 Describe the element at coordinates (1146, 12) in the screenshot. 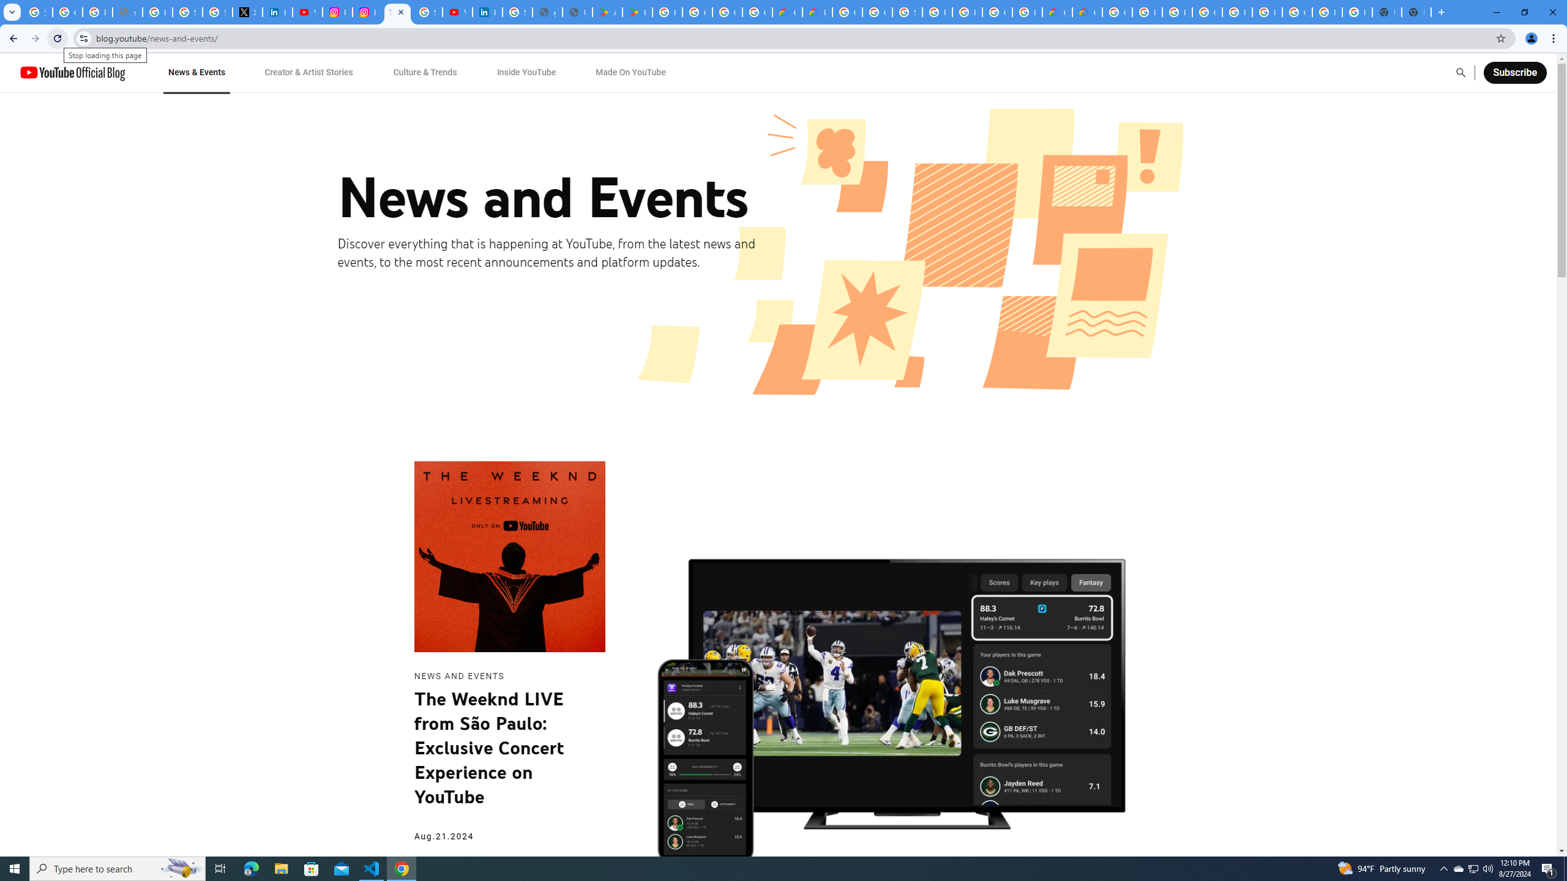

I see `'Browse Chrome as a guest - Computer - Google Chrome Help'` at that location.